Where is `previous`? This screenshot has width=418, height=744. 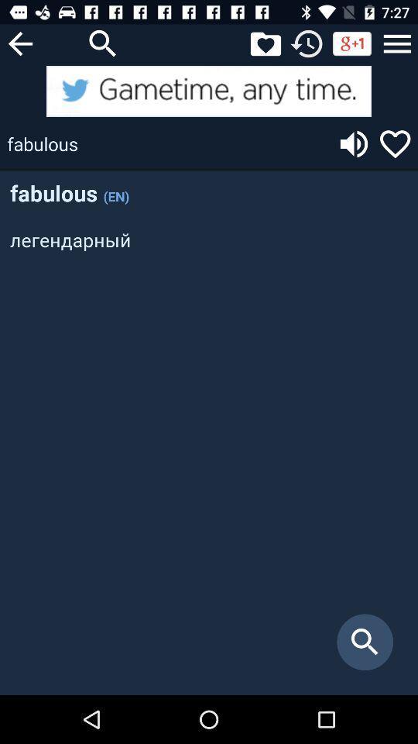
previous is located at coordinates (19, 43).